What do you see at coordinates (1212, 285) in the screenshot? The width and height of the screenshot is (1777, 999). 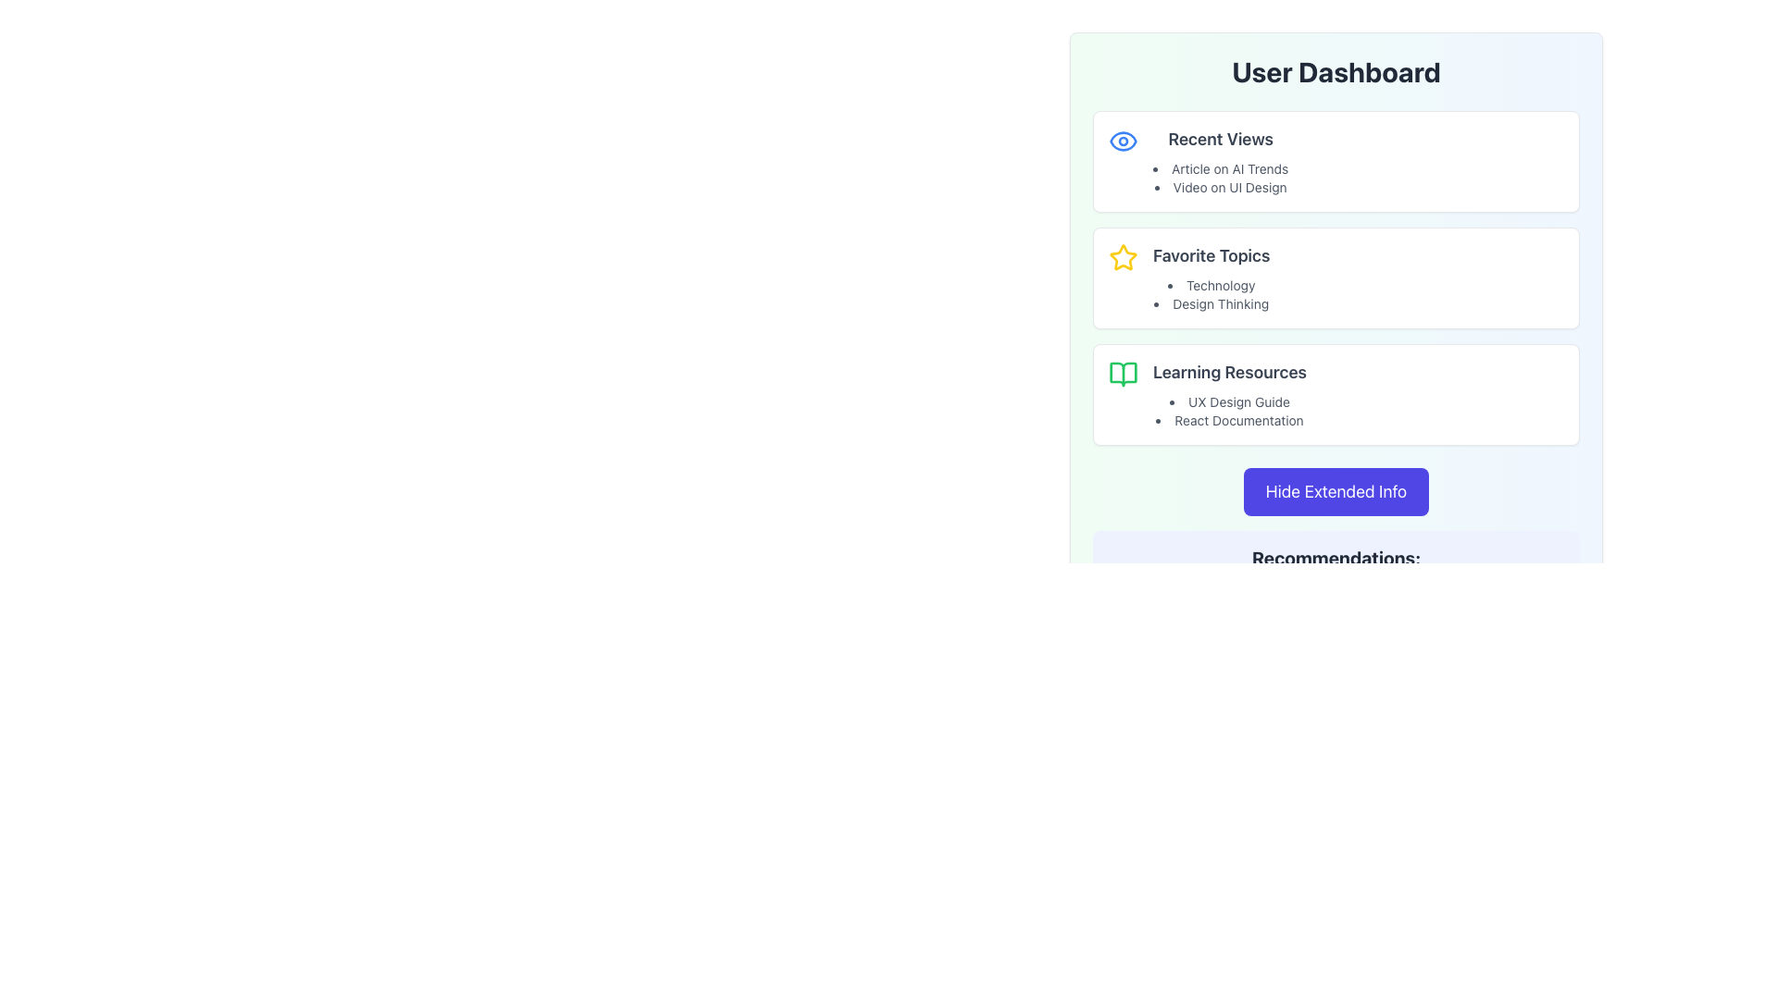 I see `the non-interactive list item labeled 'Technology' in the 'Favorite Topics' section, positioned above 'Design Thinking'` at bounding box center [1212, 285].